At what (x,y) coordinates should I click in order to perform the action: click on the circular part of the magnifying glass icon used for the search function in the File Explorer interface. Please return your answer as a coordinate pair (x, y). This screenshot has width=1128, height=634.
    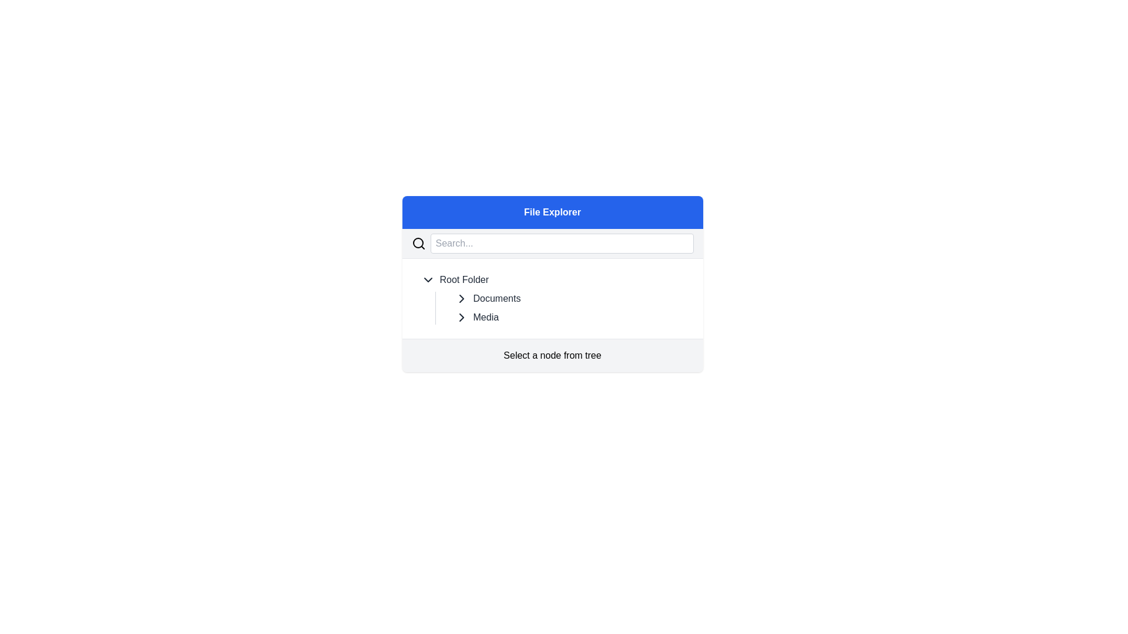
    Looking at the image, I should click on (418, 242).